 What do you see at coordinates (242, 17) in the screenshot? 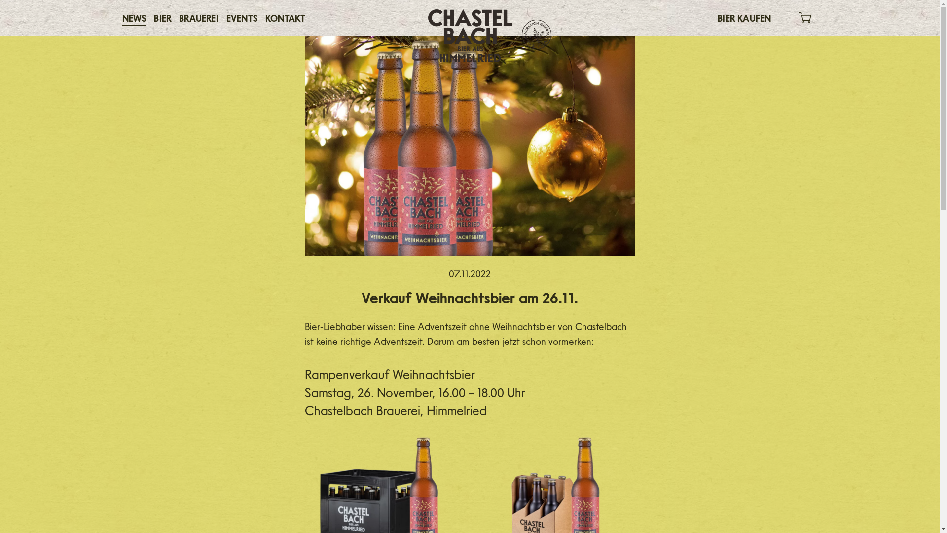
I see `'EVENTS'` at bounding box center [242, 17].